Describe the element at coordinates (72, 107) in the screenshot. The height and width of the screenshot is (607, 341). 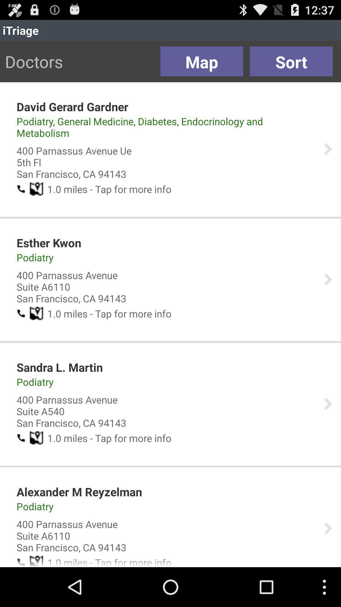
I see `item above podiatry general medicine` at that location.